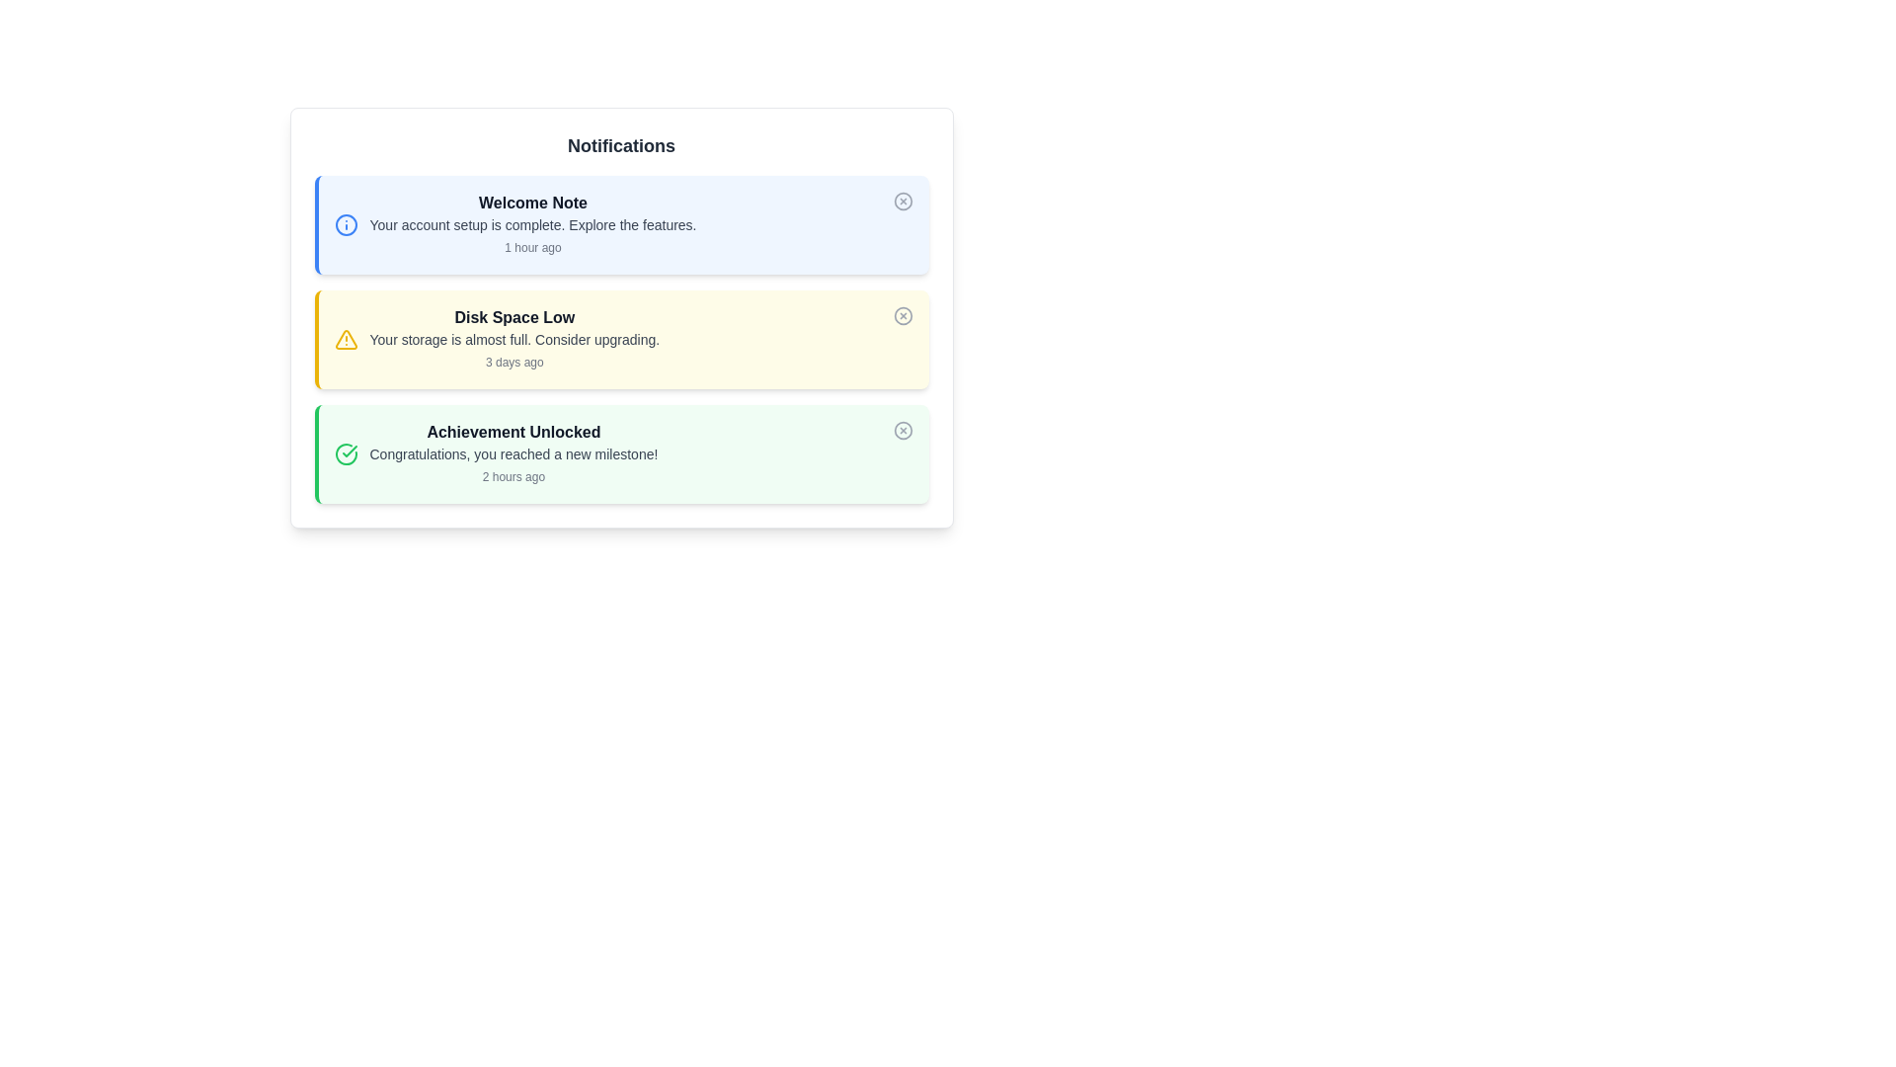  I want to click on the 'Achievement Unlocked' text label, which is part of the third notification box, styled in bold dark gray on a light green background, so click(513, 432).